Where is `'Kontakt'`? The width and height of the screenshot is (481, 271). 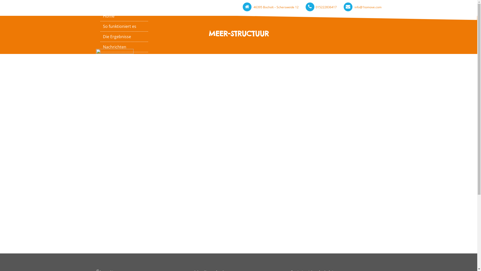
'Kontakt' is located at coordinates (124, 57).